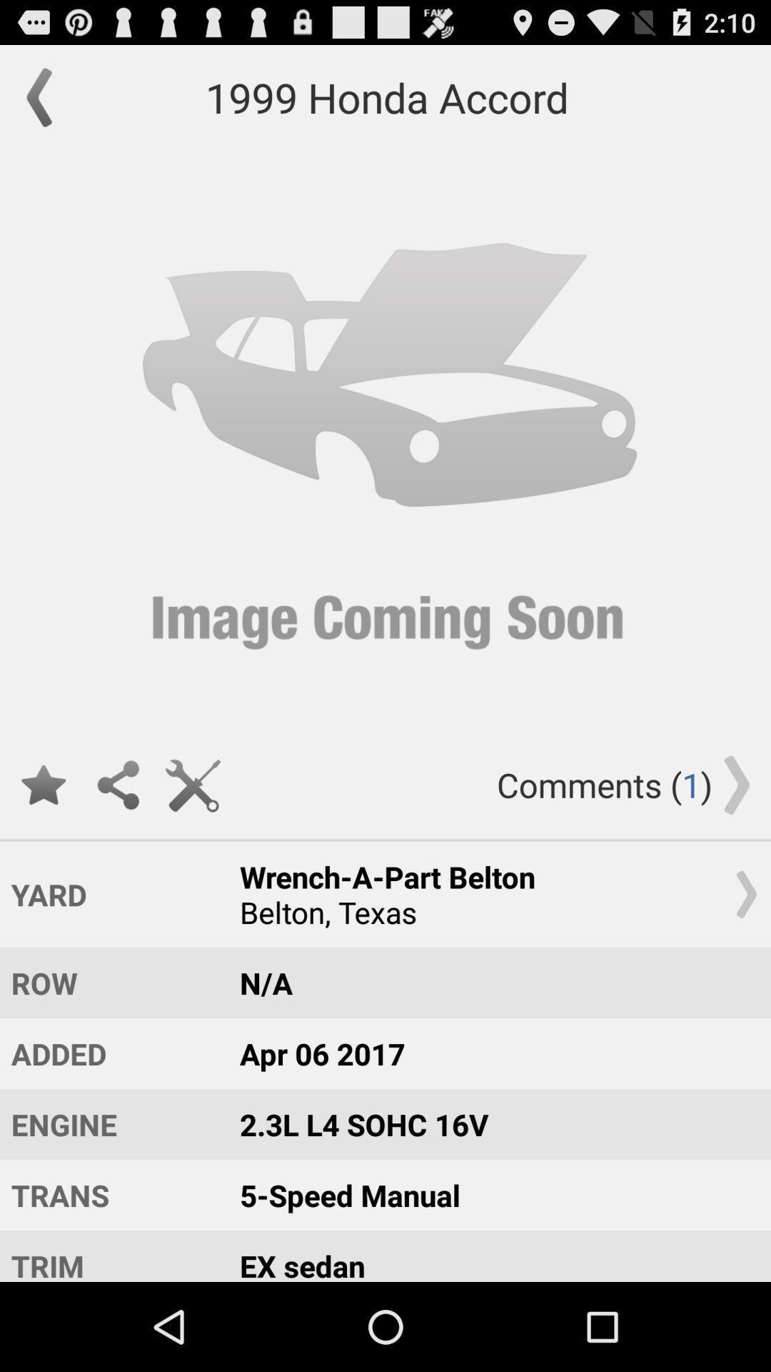 The height and width of the screenshot is (1372, 771). I want to click on the share icon, so click(117, 840).